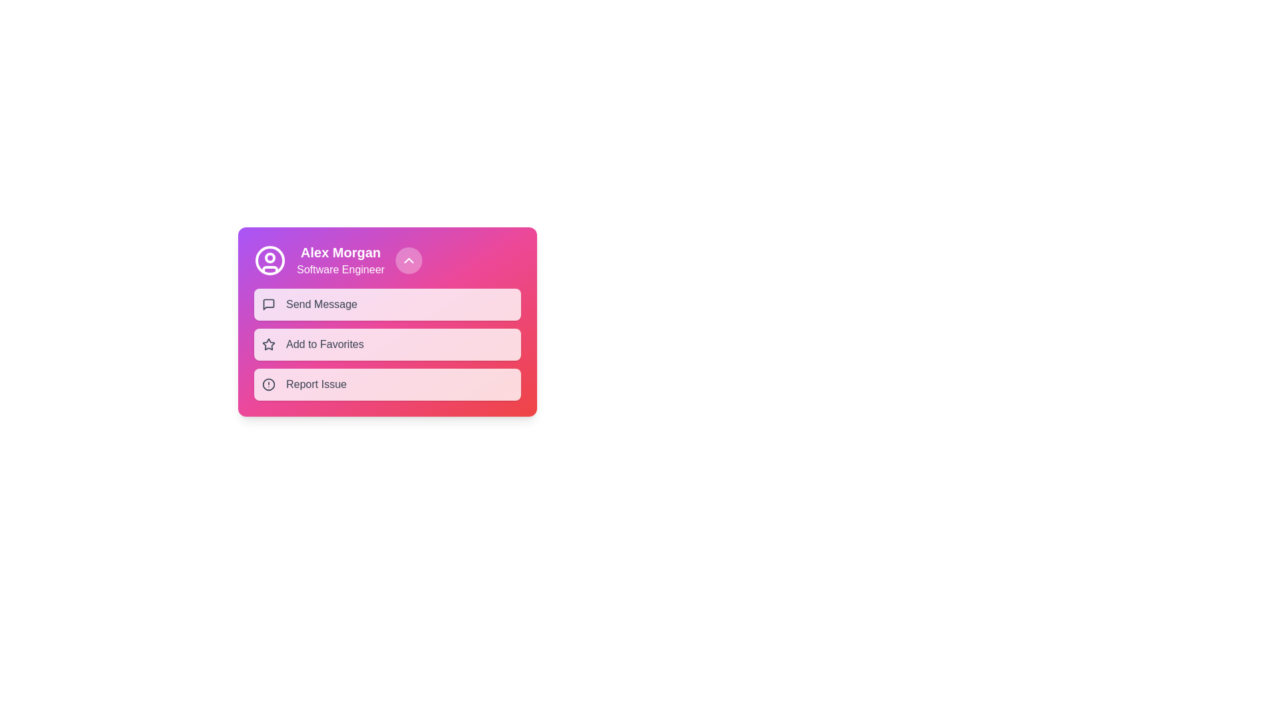 The image size is (1281, 720). I want to click on the Text Label that provides context for the 'Send Message' button, which is located to the immediate right of a speech bubble icon and is the first option in a list of three buttons, so click(322, 304).